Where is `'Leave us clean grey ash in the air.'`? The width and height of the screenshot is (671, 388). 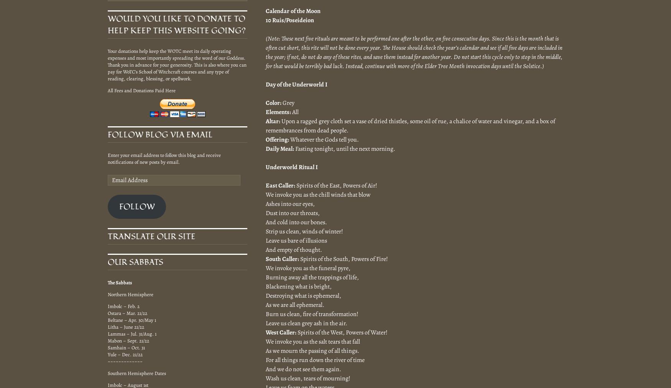 'Leave us clean grey ash in the air.' is located at coordinates (266, 323).